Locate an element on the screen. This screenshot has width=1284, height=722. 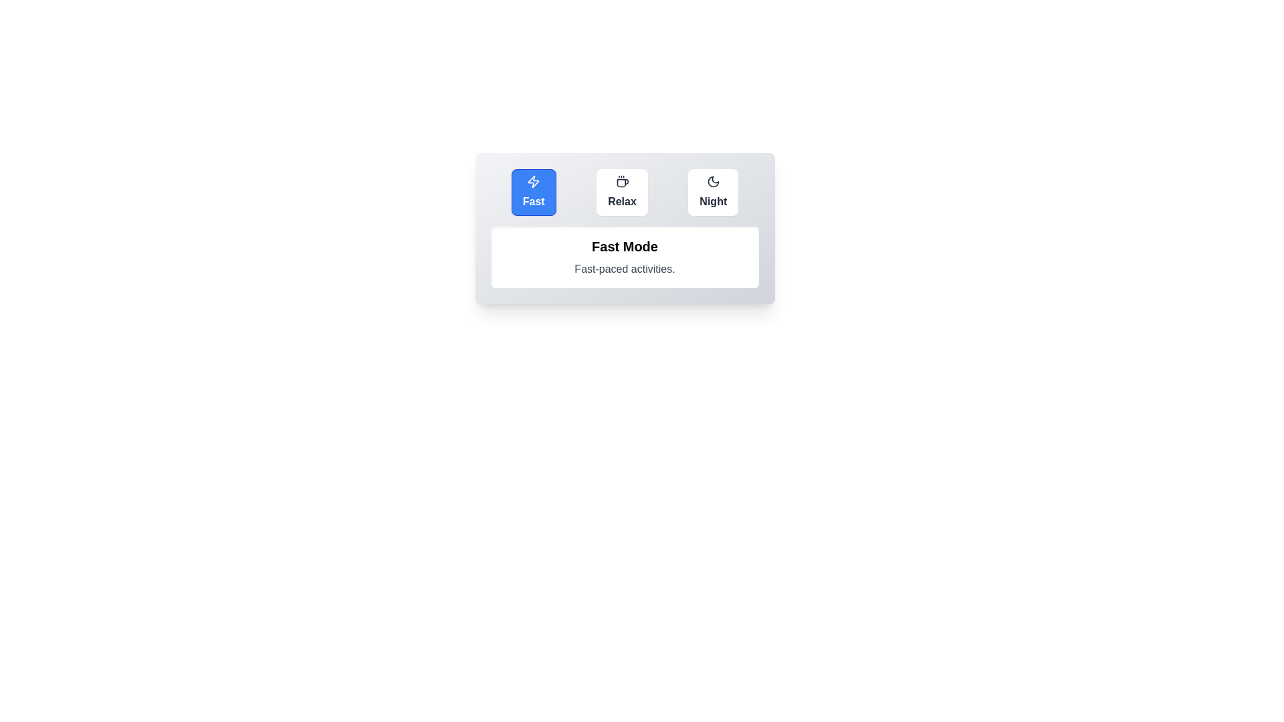
the small, black coffee cup icon located above the text 'Relax' is located at coordinates (621, 182).